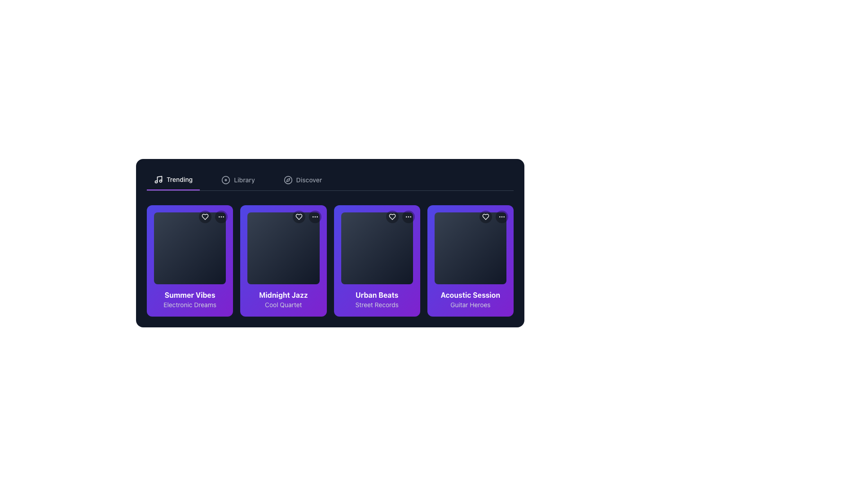 Image resolution: width=862 pixels, height=485 pixels. Describe the element at coordinates (470, 300) in the screenshot. I see `the text label 'Acoustic Session'` at that location.